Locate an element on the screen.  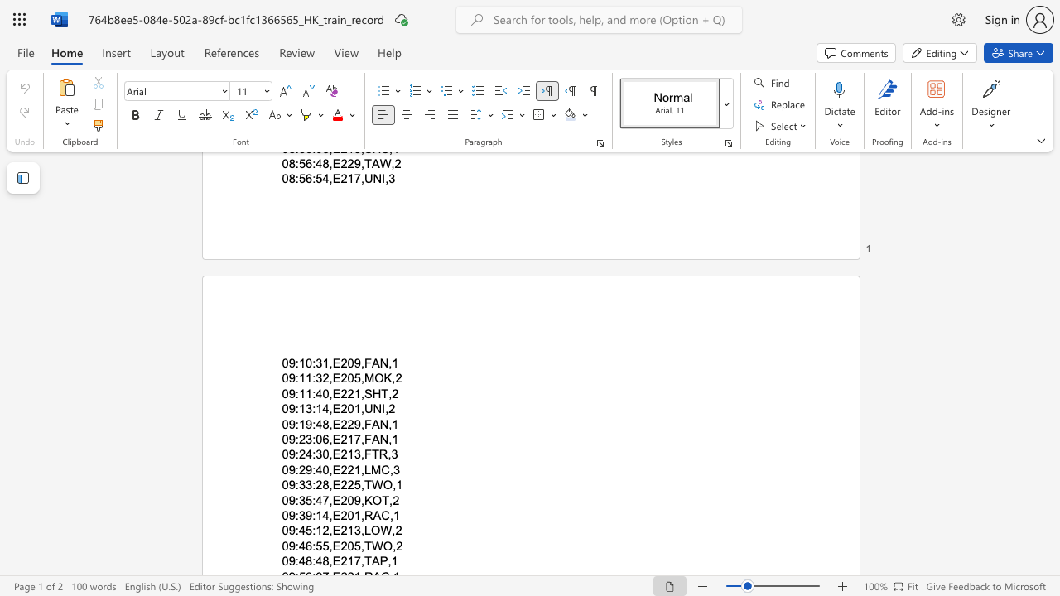
the space between the continuous character "," and "M" in the text is located at coordinates (364, 378).